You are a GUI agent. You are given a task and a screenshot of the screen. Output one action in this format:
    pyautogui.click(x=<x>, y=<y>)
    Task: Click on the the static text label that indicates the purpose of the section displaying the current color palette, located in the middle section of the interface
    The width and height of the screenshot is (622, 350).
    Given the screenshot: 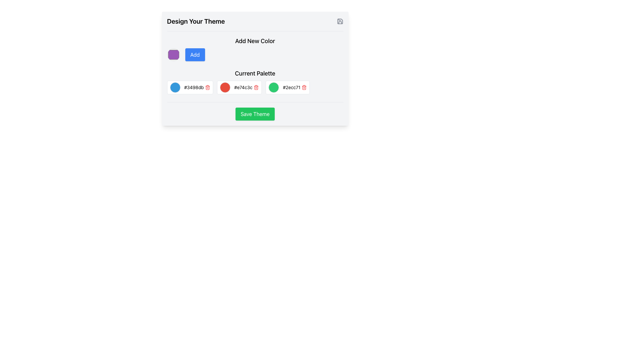 What is the action you would take?
    pyautogui.click(x=255, y=75)
    